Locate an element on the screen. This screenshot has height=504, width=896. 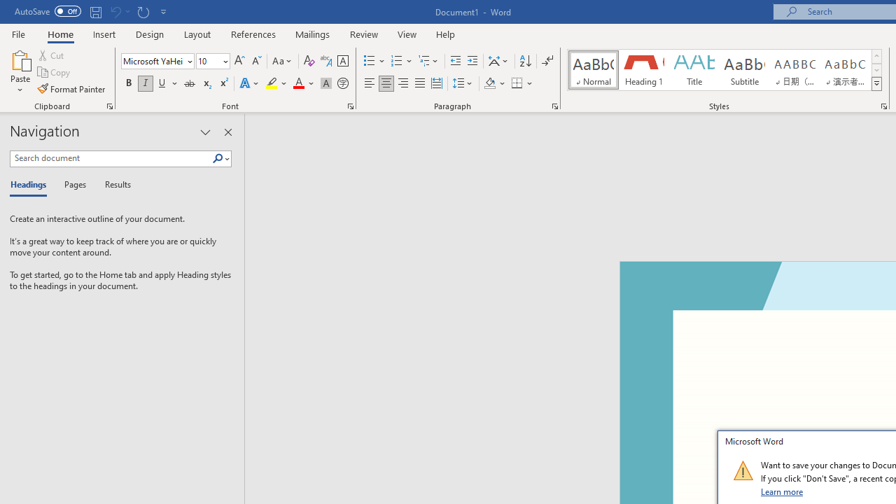
'AutomationID: QuickStylesGallery' is located at coordinates (725, 70).